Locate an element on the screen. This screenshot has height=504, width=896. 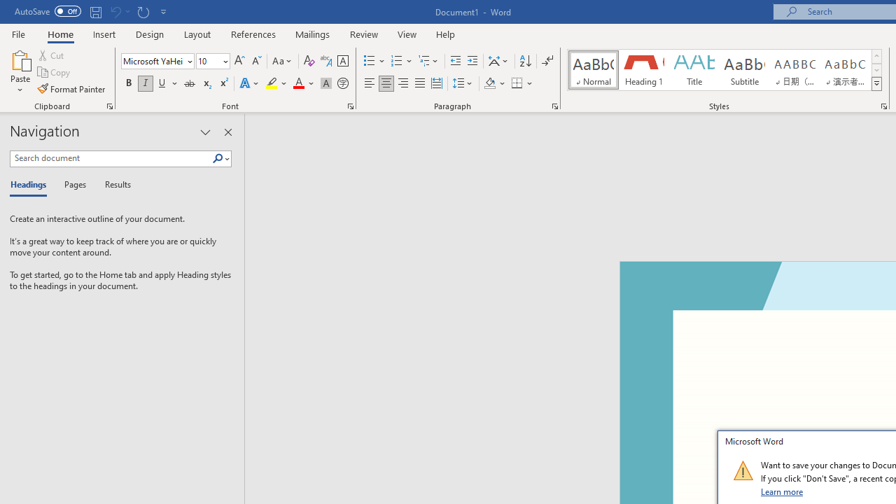
'AutomationID: QuickStylesGallery' is located at coordinates (725, 70).